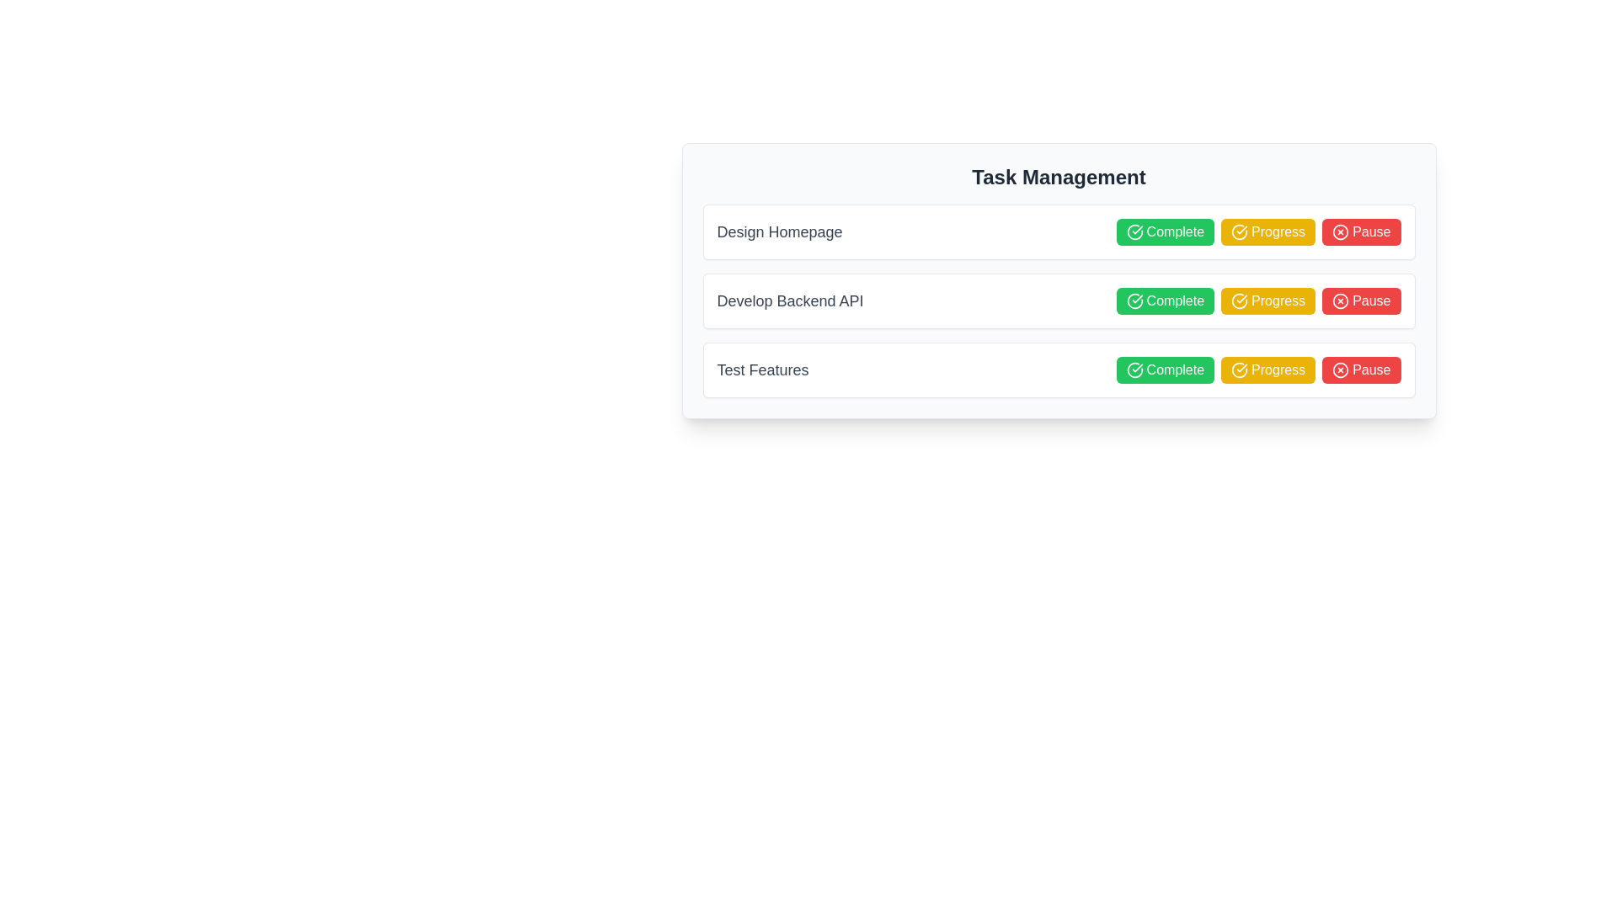 Image resolution: width=1617 pixels, height=909 pixels. I want to click on the circular green checkmark icon located within the 'Complete' button to include it in the view, so click(1134, 232).